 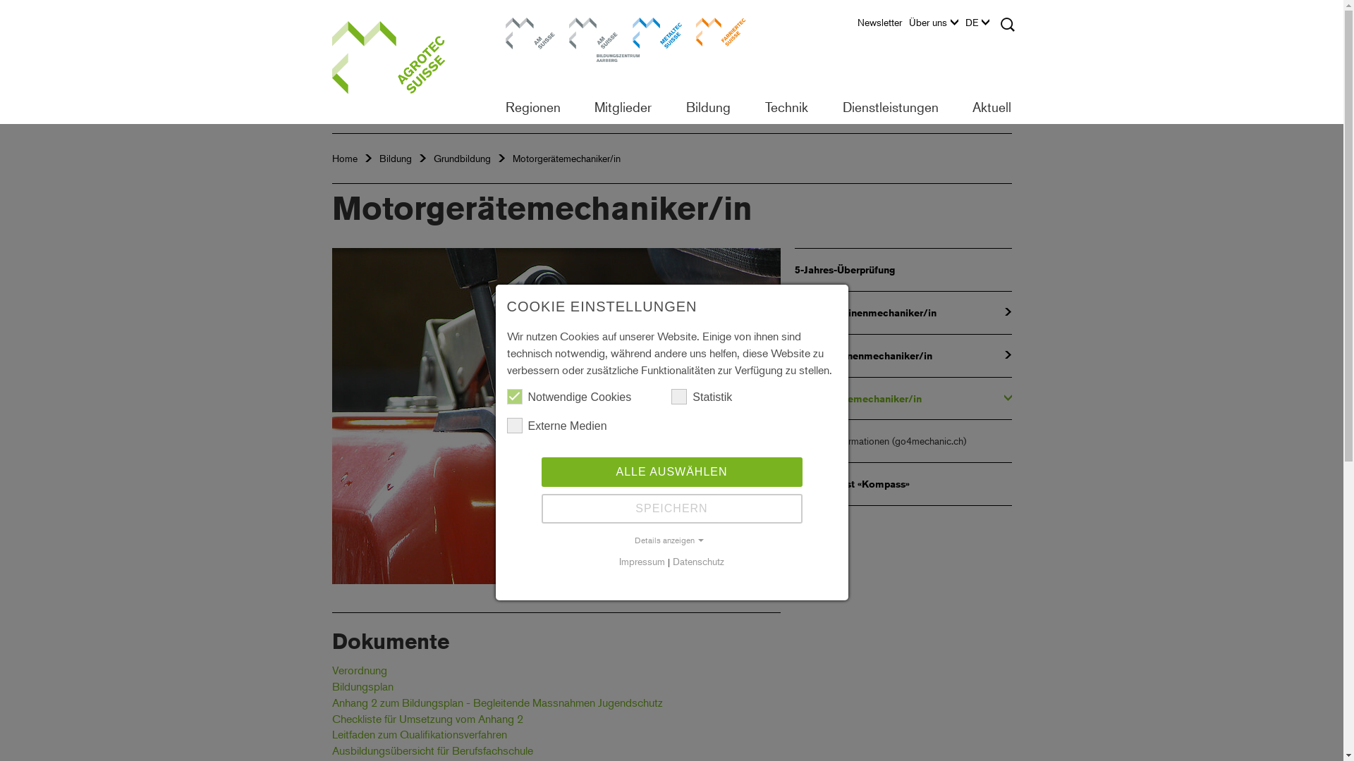 I want to click on 'AM Suisse', so click(x=528, y=42).